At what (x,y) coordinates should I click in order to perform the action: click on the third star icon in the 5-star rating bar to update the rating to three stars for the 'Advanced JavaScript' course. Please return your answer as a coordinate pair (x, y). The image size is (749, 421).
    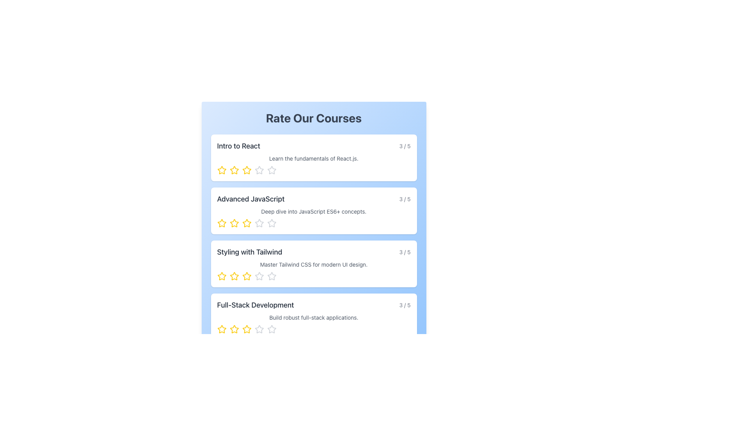
    Looking at the image, I should click on (259, 223).